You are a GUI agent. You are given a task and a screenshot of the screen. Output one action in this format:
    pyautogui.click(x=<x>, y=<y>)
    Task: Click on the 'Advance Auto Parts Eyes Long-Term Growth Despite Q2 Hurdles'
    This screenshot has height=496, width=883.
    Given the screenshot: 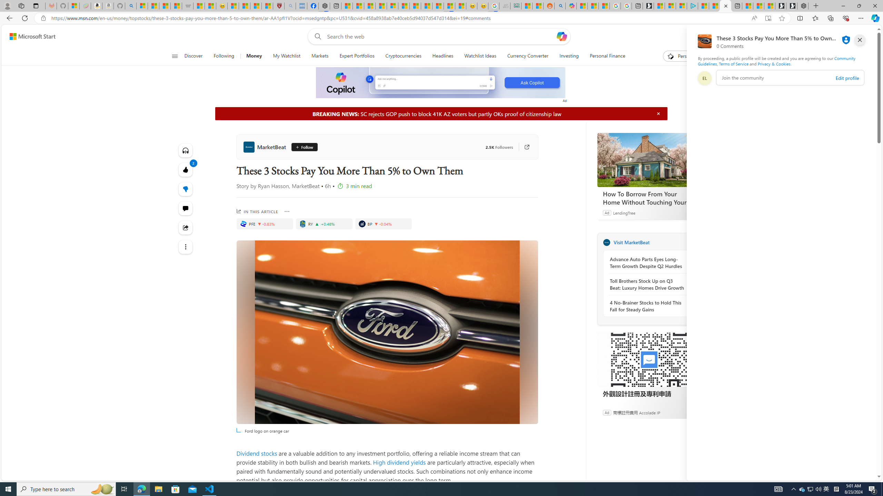 What is the action you would take?
    pyautogui.click(x=647, y=262)
    